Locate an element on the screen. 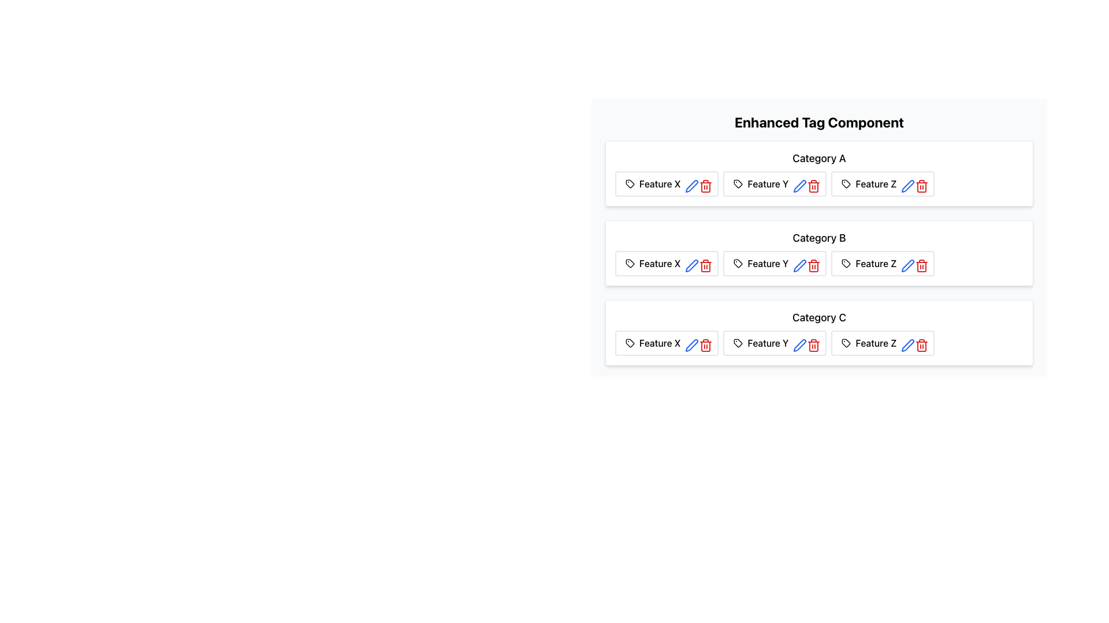 The width and height of the screenshot is (1109, 623). the red trash can icon is located at coordinates (921, 186).